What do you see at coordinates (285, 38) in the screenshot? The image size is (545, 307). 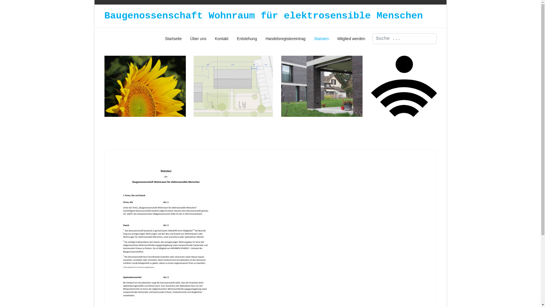 I see `'Handelsregistereintrag'` at bounding box center [285, 38].